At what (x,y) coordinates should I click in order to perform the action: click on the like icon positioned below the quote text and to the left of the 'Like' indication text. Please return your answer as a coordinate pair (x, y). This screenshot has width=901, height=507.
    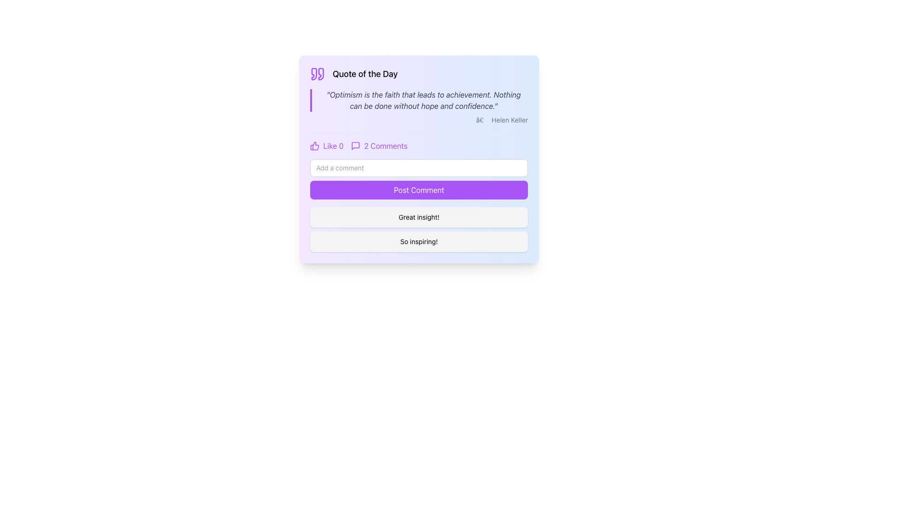
    Looking at the image, I should click on (314, 146).